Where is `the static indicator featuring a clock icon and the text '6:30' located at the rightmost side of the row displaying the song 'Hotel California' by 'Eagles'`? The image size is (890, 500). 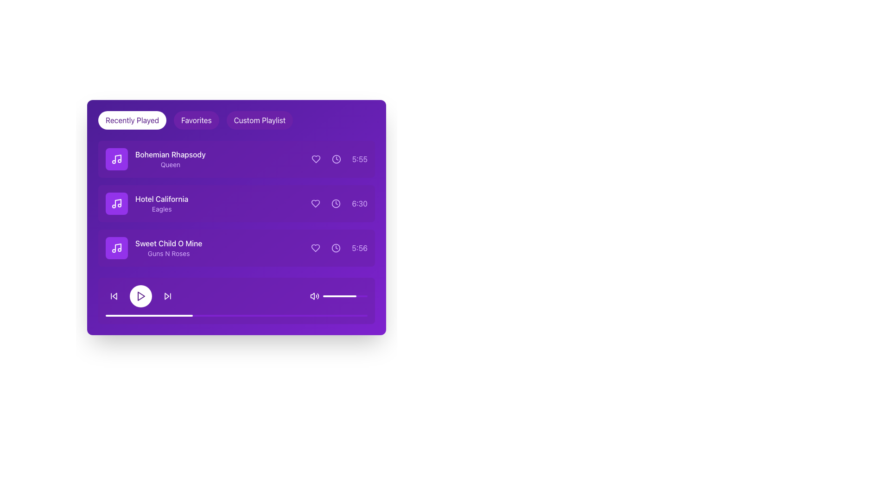
the static indicator featuring a clock icon and the text '6:30' located at the rightmost side of the row displaying the song 'Hotel California' by 'Eagles' is located at coordinates (339, 203).